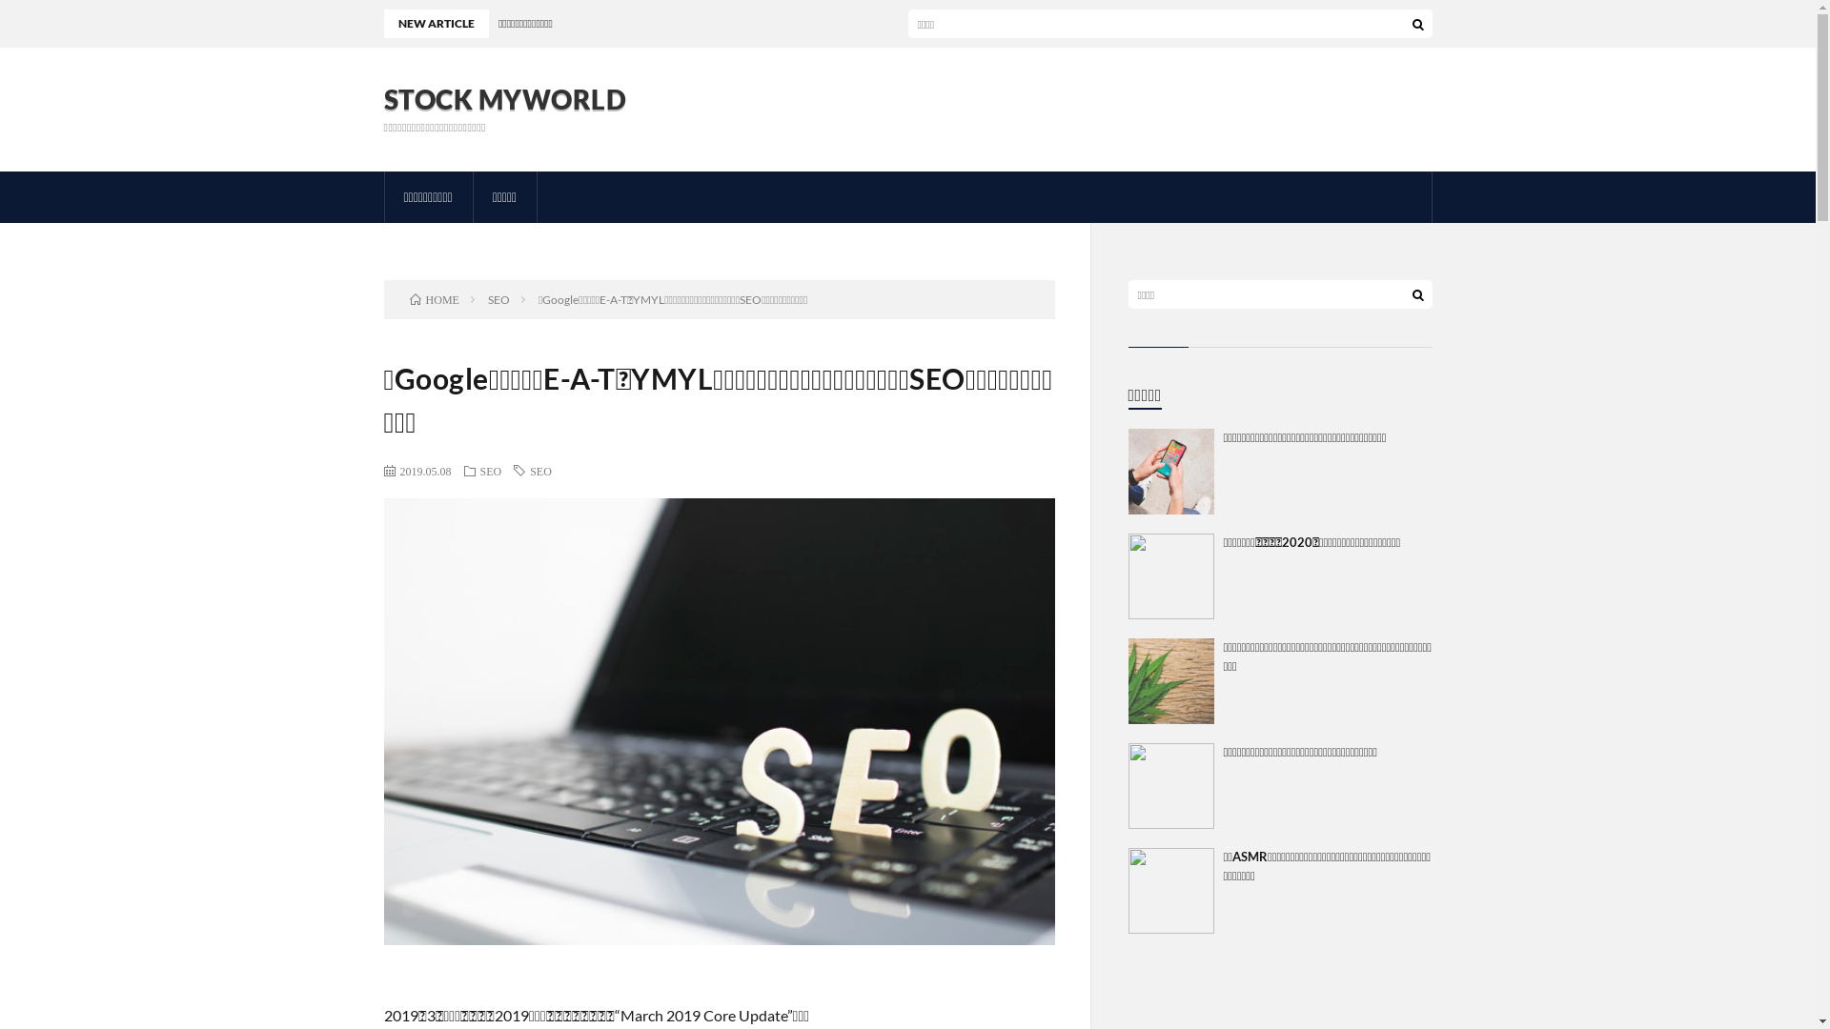  Describe the element at coordinates (1417, 293) in the screenshot. I see `'search'` at that location.